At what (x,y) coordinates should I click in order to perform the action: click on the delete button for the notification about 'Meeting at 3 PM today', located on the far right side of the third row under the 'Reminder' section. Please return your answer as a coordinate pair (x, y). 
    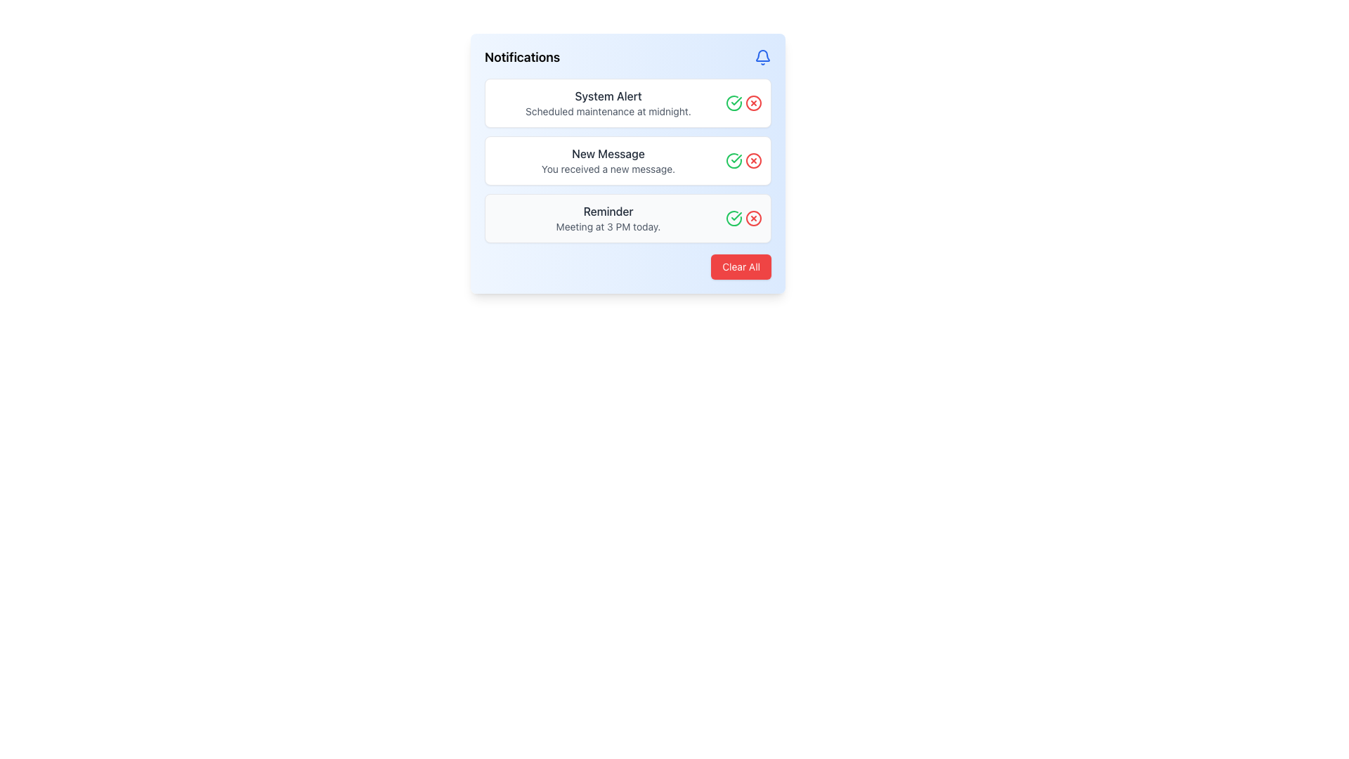
    Looking at the image, I should click on (753, 219).